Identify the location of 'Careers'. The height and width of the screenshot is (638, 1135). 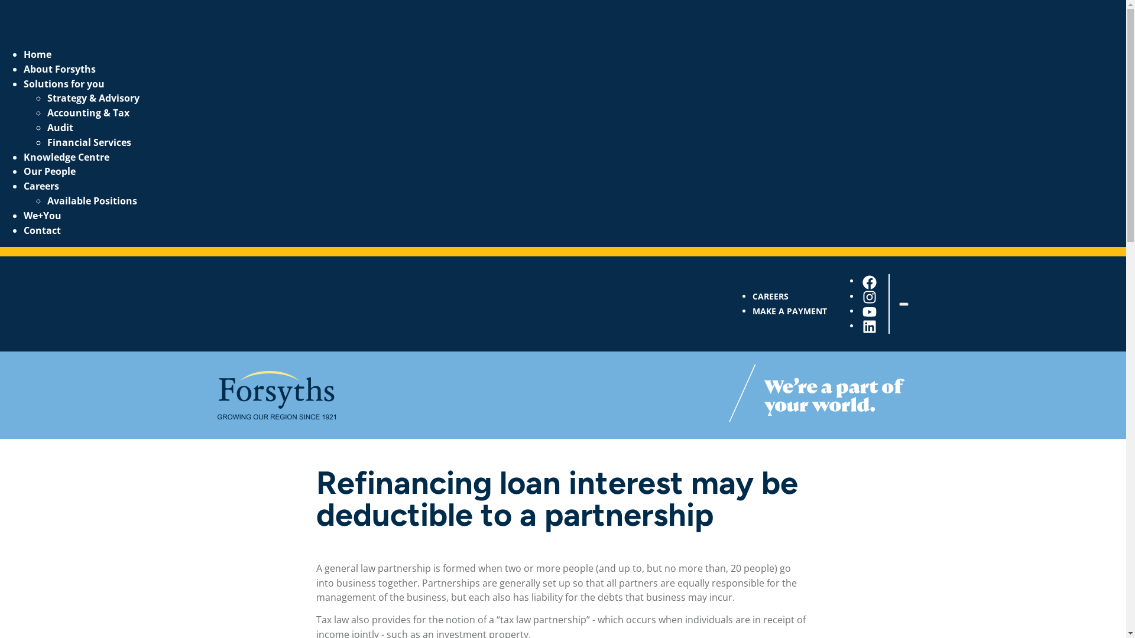
(41, 186).